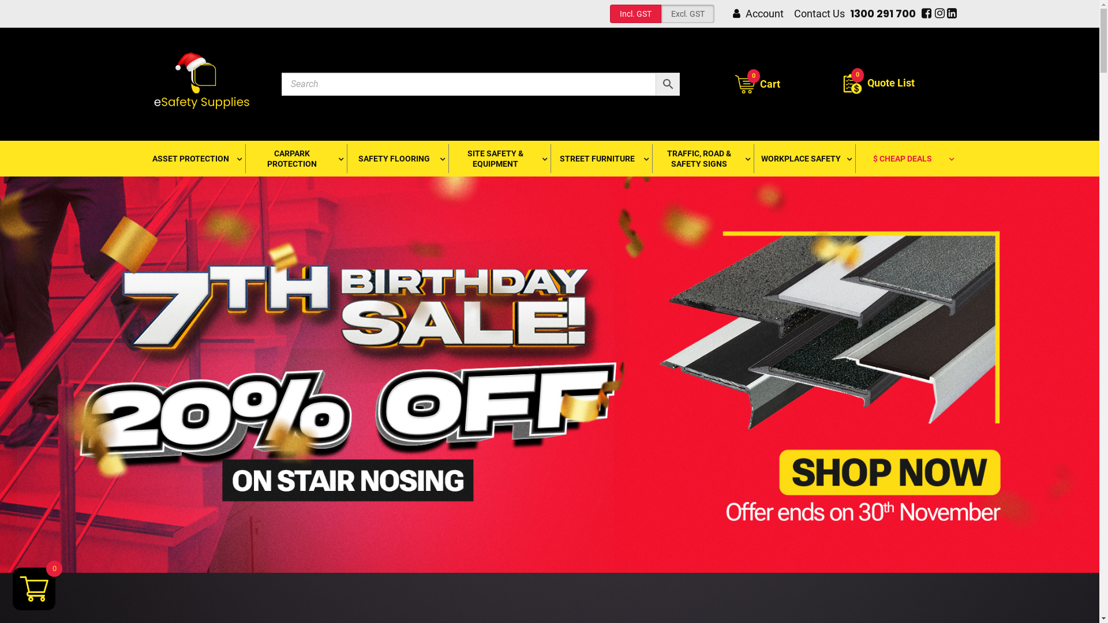 This screenshot has width=1108, height=623. What do you see at coordinates (194, 158) in the screenshot?
I see `'ASSET PROTECTION'` at bounding box center [194, 158].